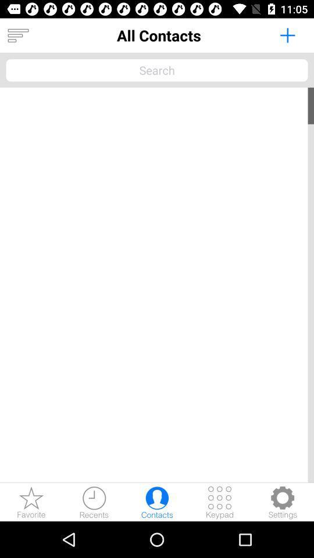 Image resolution: width=314 pixels, height=558 pixels. What do you see at coordinates (157, 284) in the screenshot?
I see `the item at the center` at bounding box center [157, 284].